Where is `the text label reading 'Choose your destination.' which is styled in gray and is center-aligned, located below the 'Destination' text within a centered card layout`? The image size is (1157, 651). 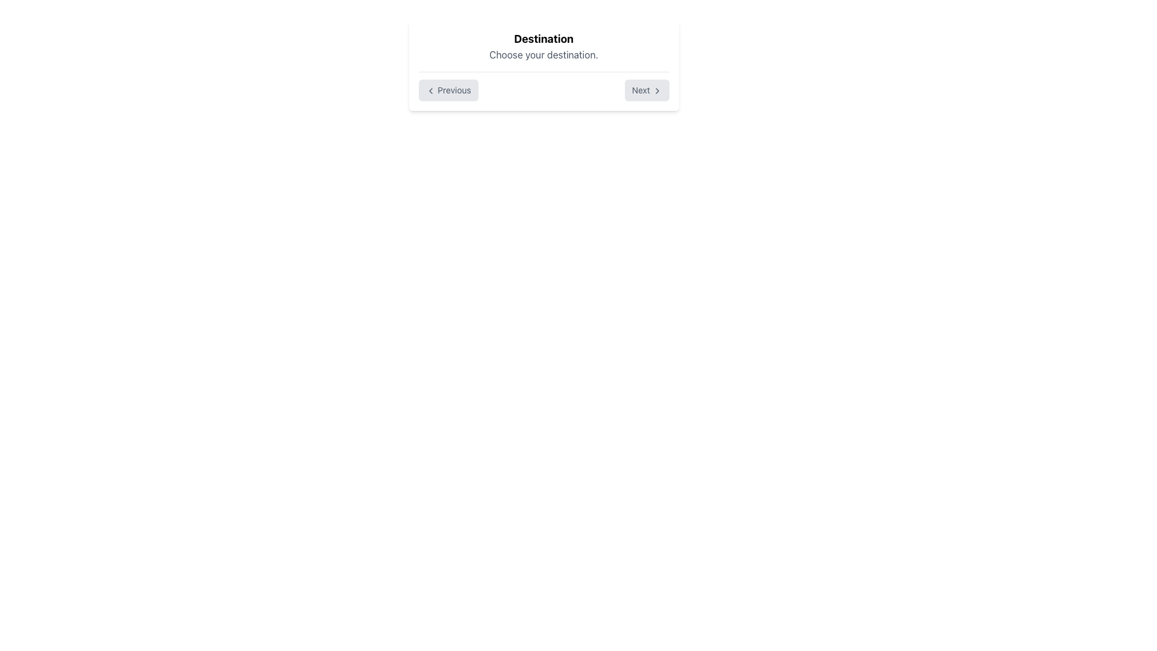 the text label reading 'Choose your destination.' which is styled in gray and is center-aligned, located below the 'Destination' text within a centered card layout is located at coordinates (543, 55).